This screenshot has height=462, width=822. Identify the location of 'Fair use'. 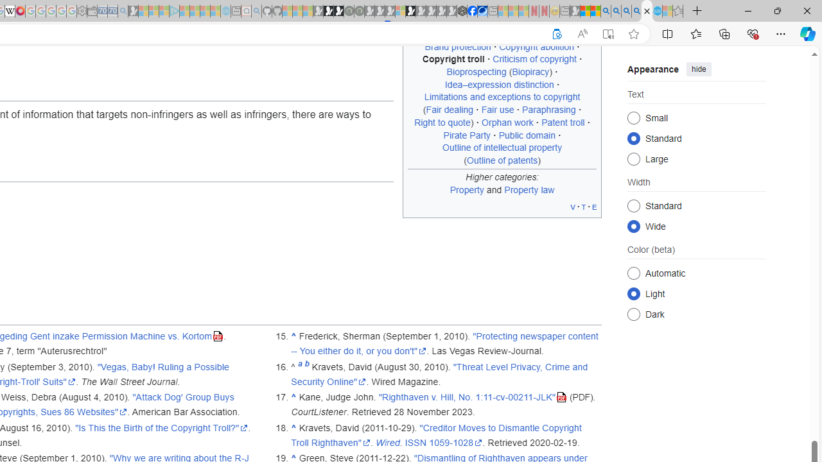
(497, 109).